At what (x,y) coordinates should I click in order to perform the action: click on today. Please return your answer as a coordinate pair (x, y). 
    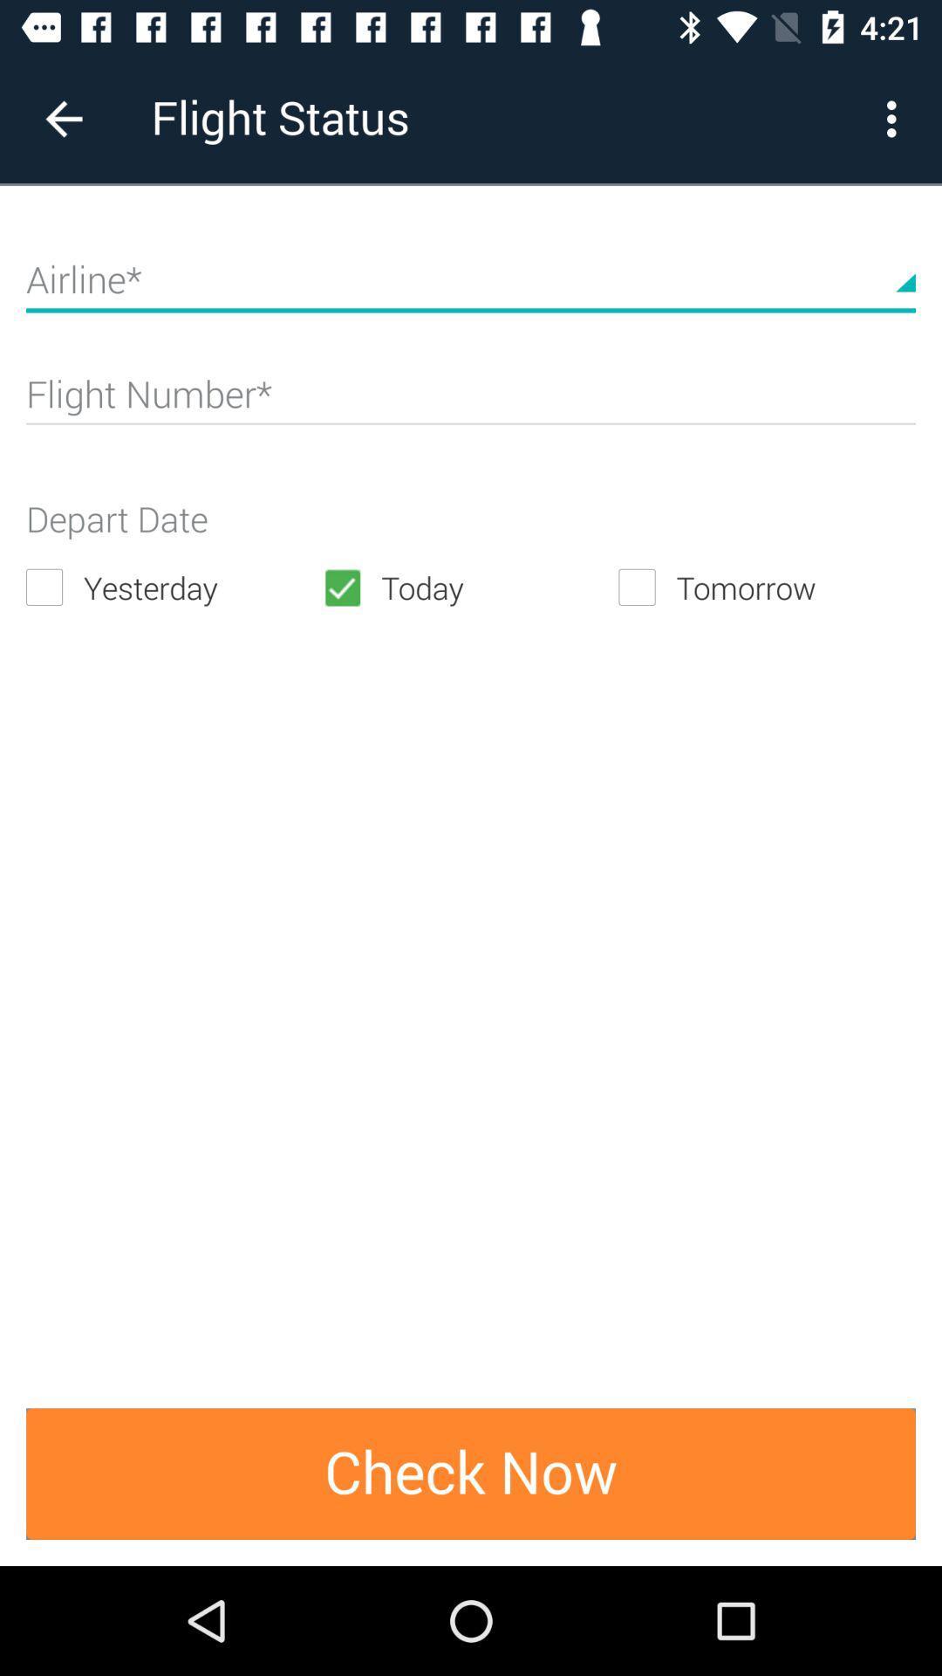
    Looking at the image, I should click on (469, 587).